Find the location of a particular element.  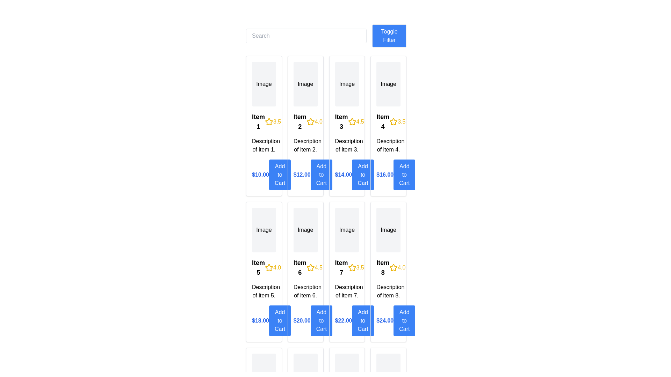

the Text label displaying the price of item 5, positioned above the 'Add to Cart' button is located at coordinates (260, 320).